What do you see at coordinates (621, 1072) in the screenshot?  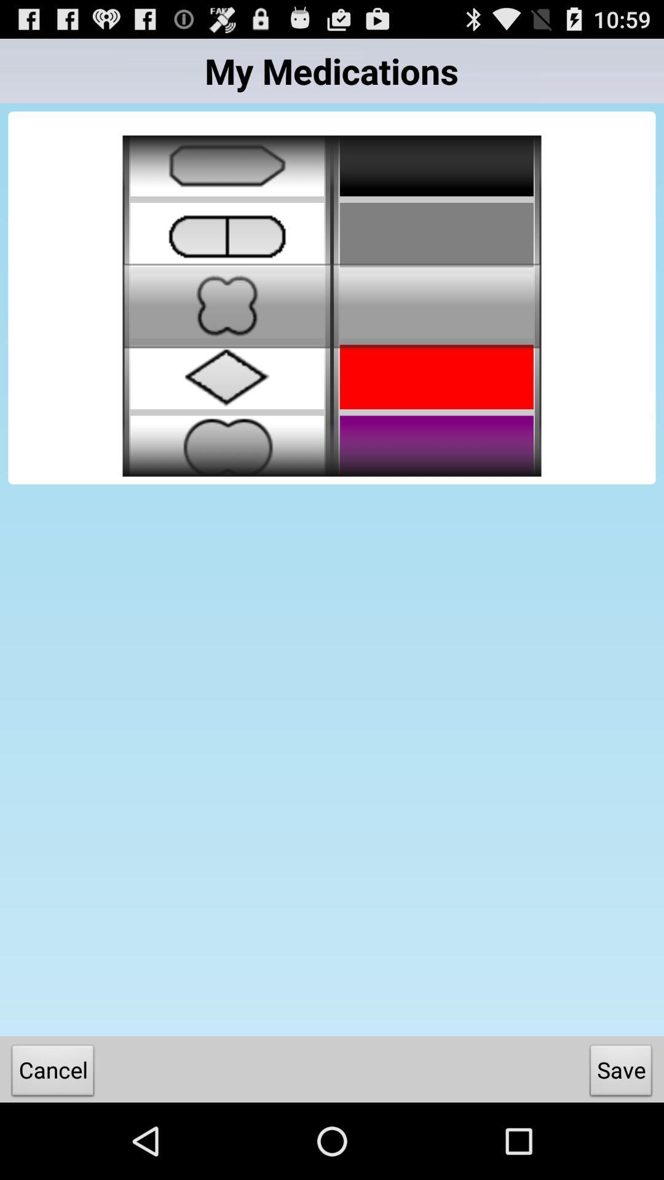 I see `the item next to cancel` at bounding box center [621, 1072].